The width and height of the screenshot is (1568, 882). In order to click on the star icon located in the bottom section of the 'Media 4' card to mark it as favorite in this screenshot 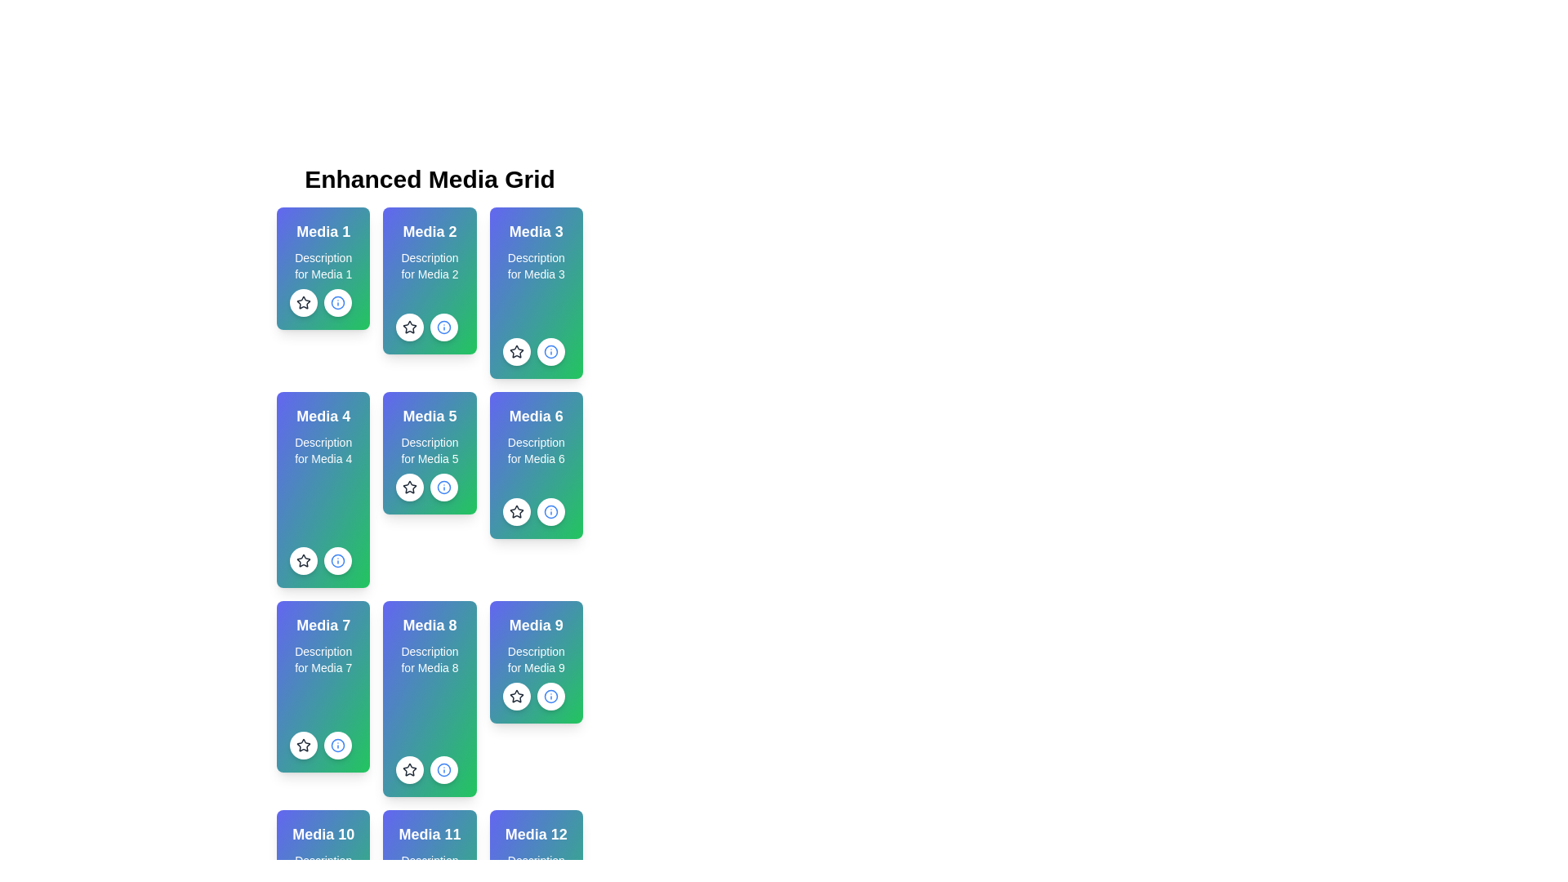, I will do `click(304, 559)`.